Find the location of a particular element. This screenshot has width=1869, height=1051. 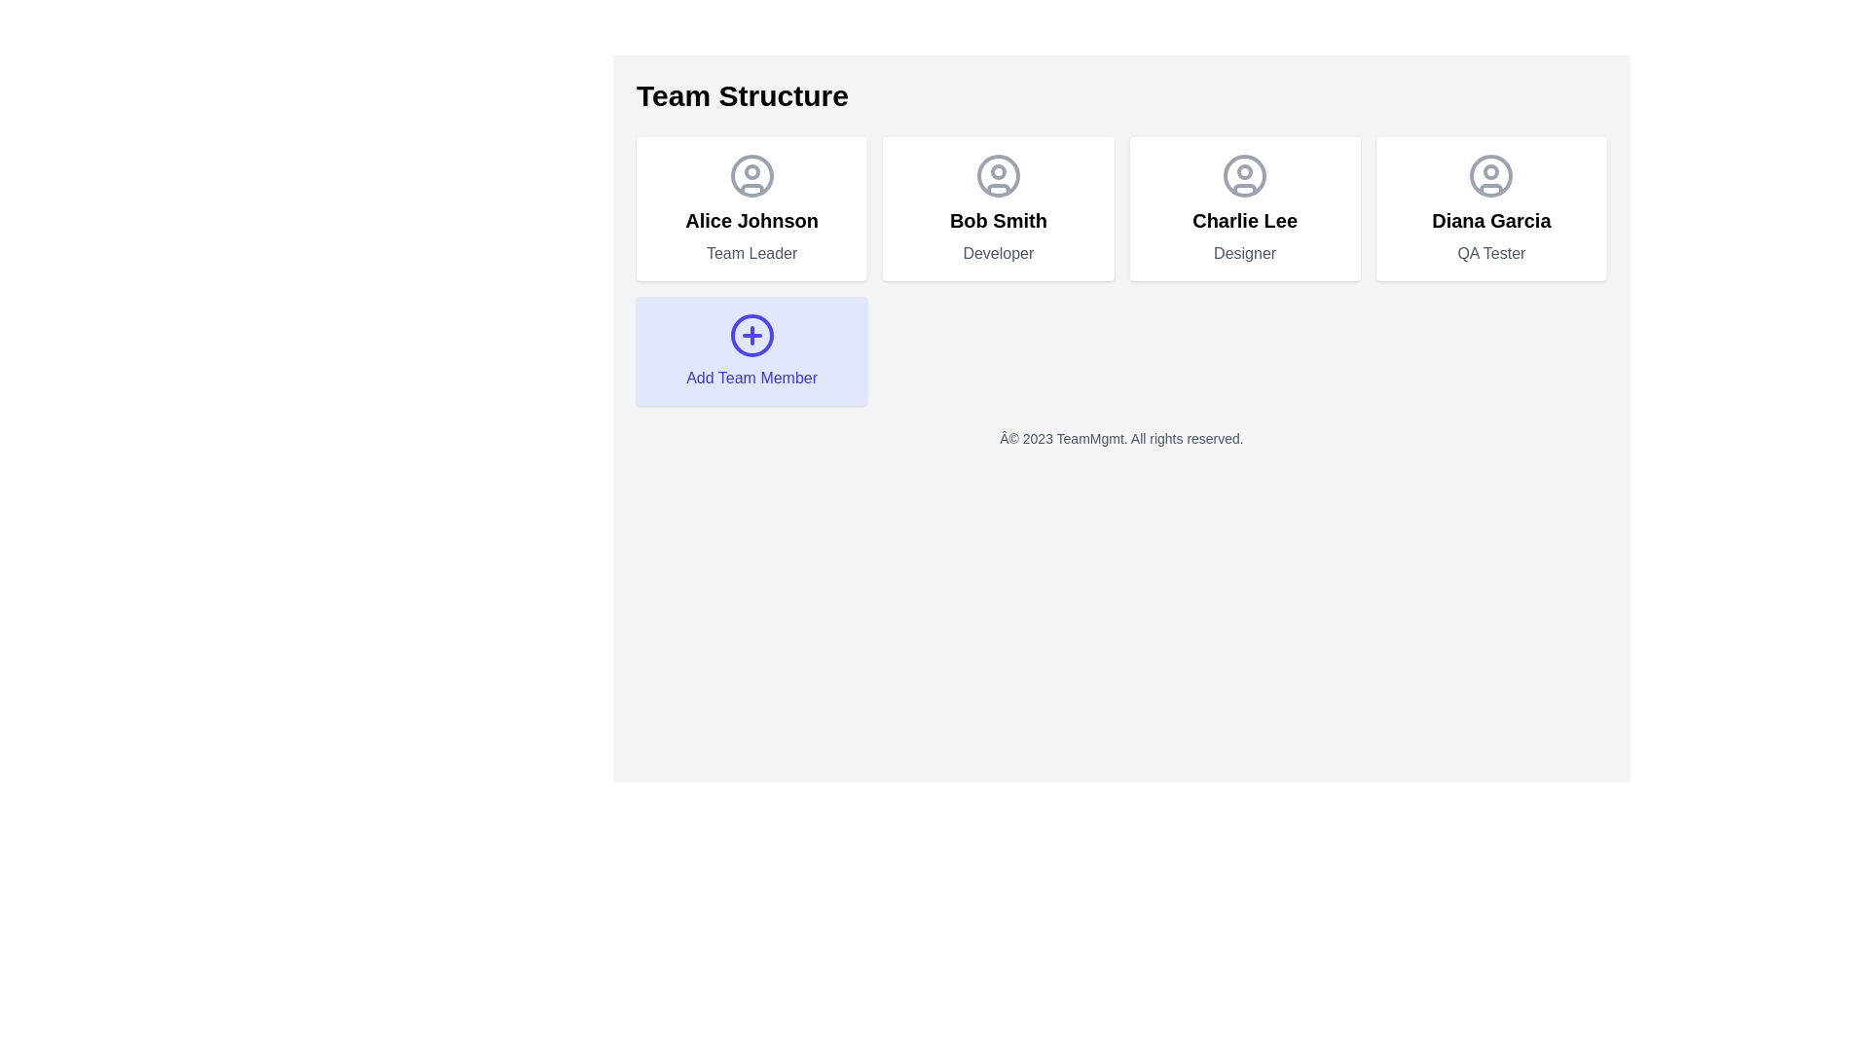

the icon representing the torso of the person in Bob Smith's profile, which is the third element within the SVG icon near the second box from the left is located at coordinates (998, 189).